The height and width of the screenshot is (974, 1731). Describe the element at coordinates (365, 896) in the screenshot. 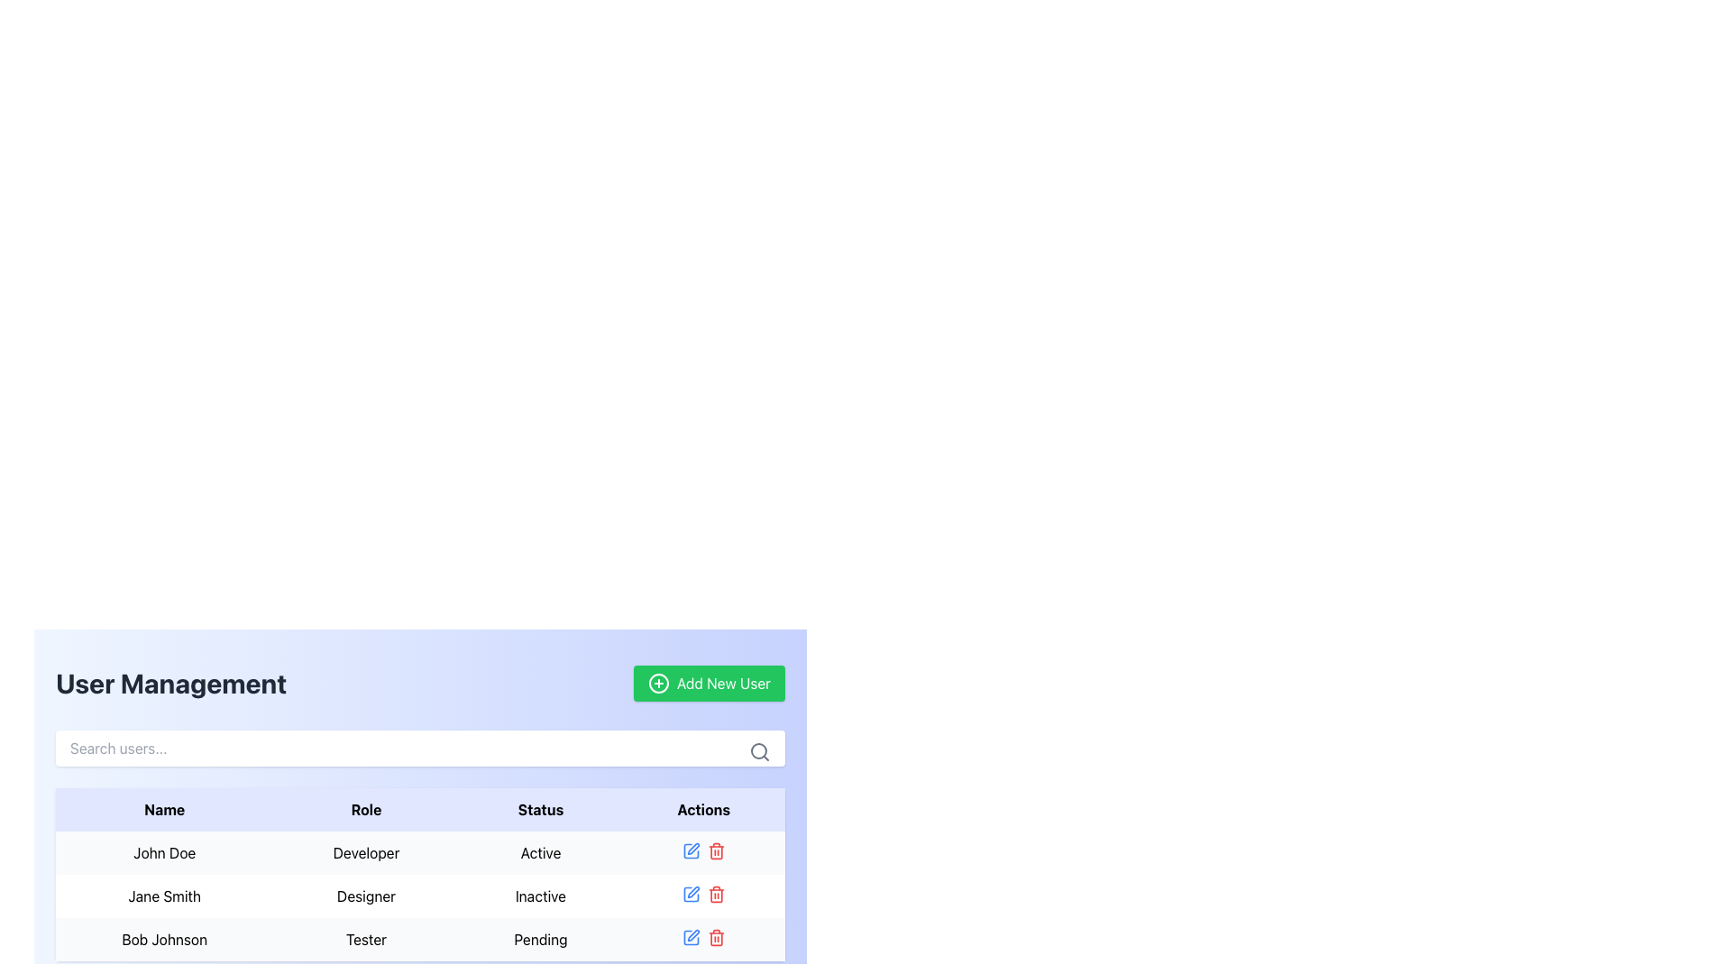

I see `the static text label that identifies 'Jane Smith' as 'Designer' in the 'Role' column of the table` at that location.